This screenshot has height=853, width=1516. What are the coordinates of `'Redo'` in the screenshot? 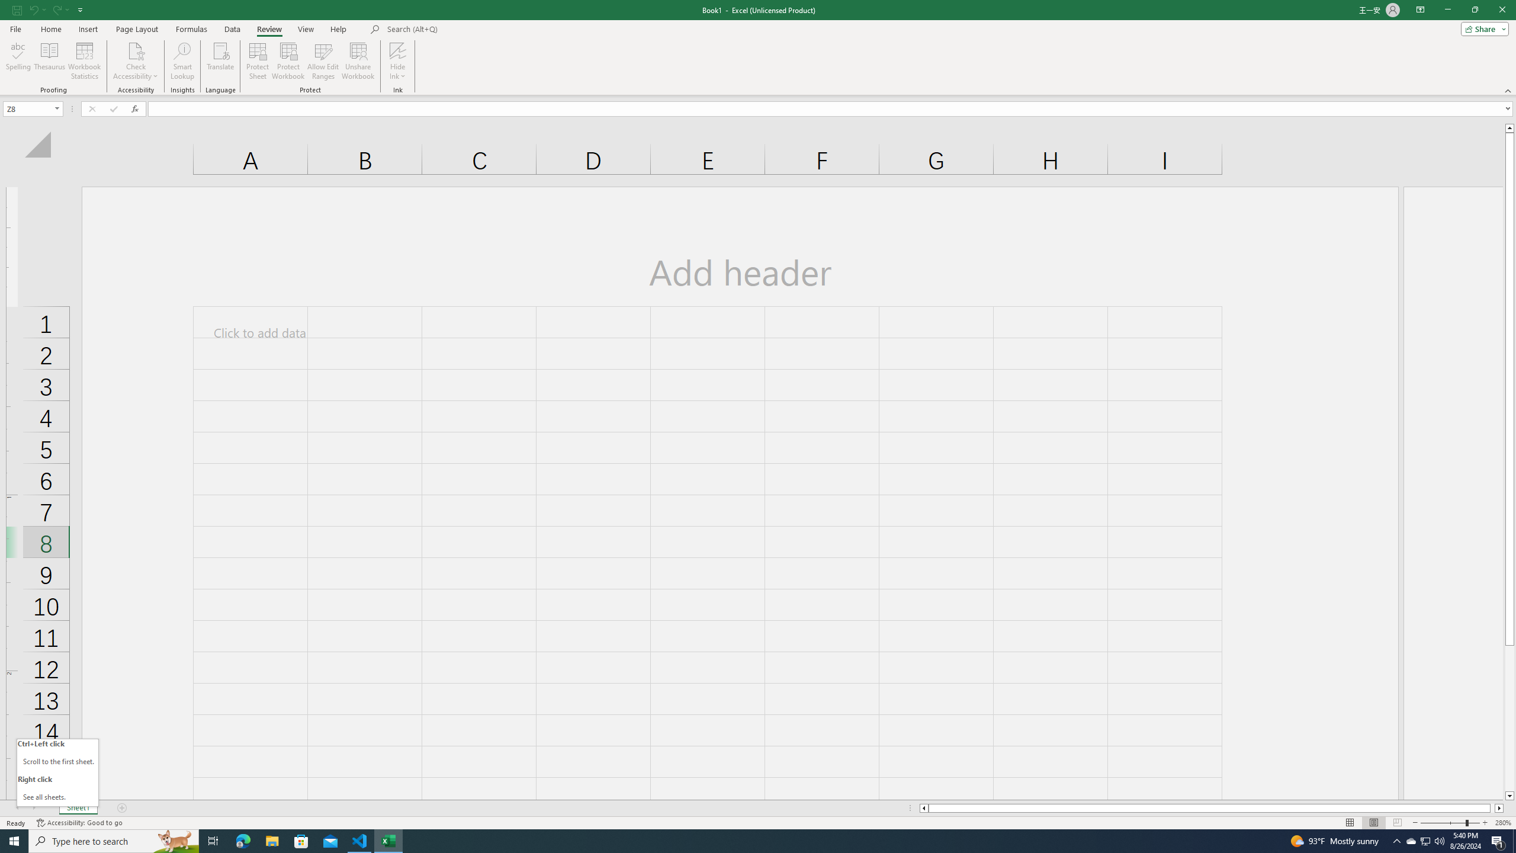 It's located at (55, 9).